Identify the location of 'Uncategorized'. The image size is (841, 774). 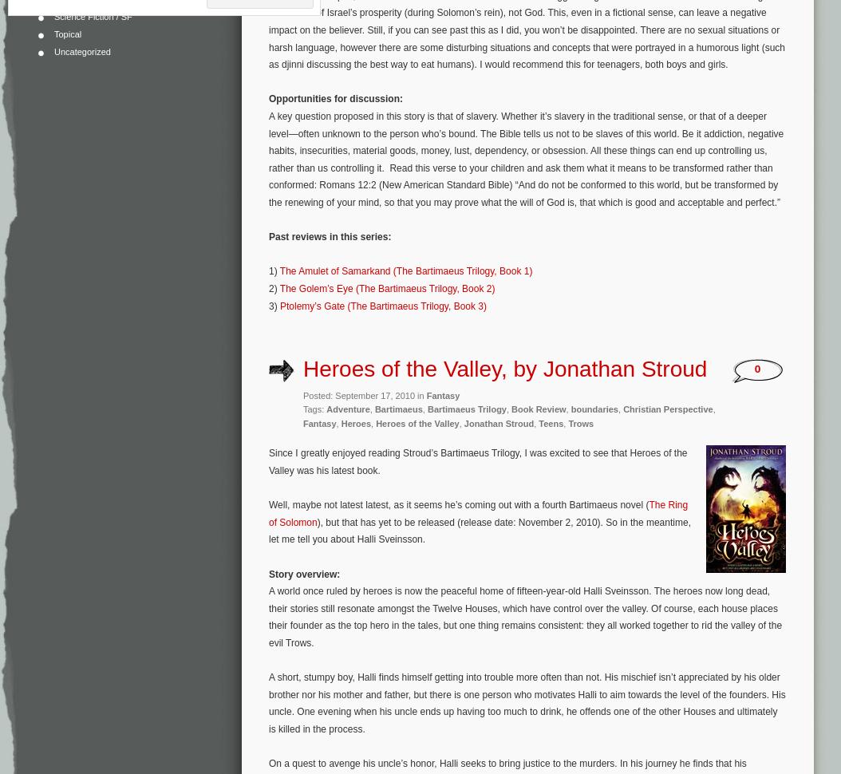
(81, 50).